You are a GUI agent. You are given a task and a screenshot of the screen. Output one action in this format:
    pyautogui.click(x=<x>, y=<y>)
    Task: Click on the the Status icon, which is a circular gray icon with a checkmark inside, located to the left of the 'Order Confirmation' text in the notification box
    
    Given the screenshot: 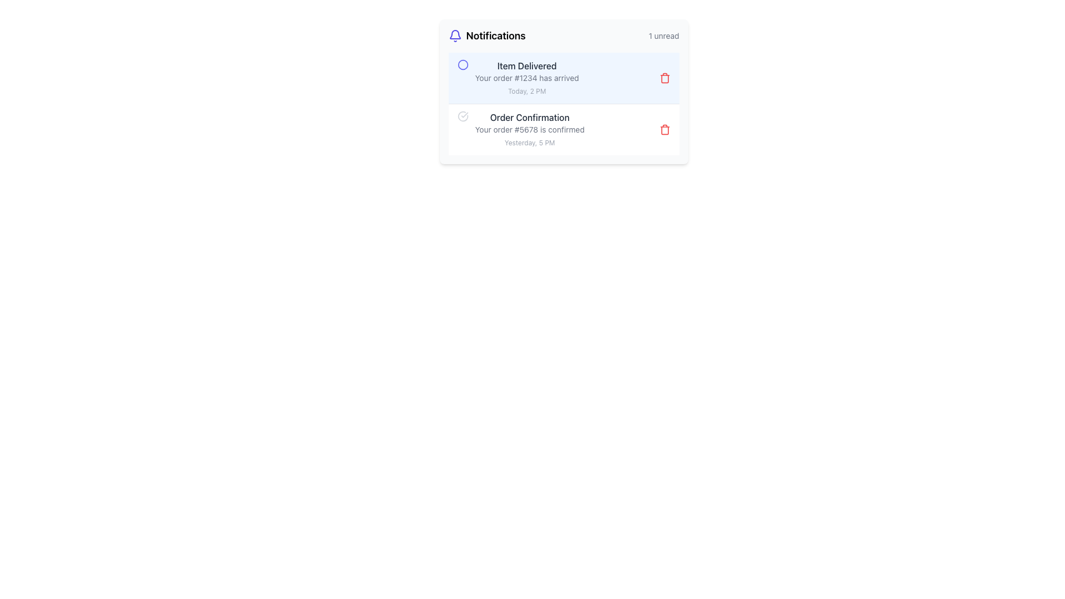 What is the action you would take?
    pyautogui.click(x=463, y=116)
    